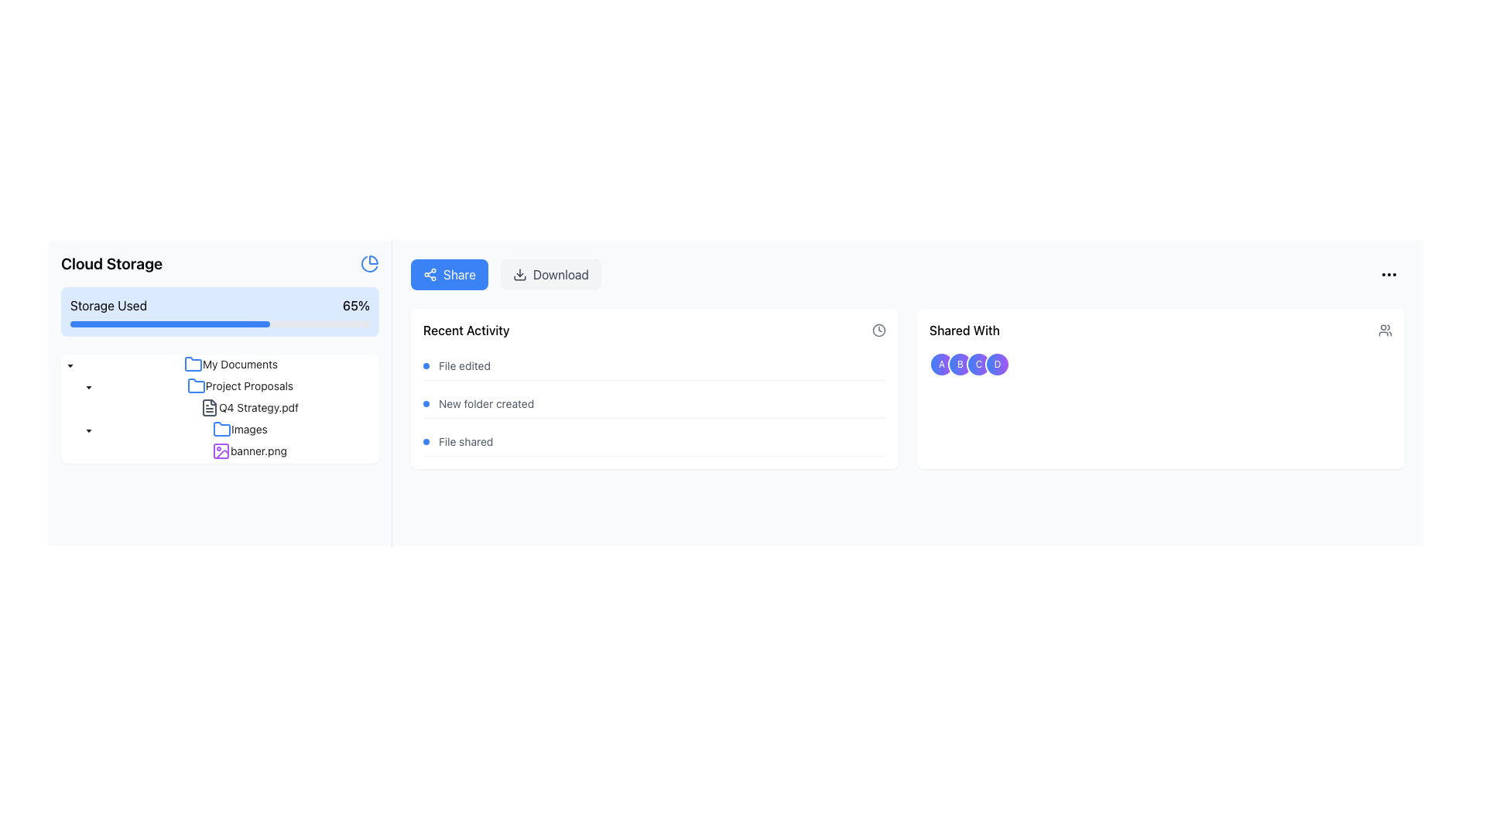 This screenshot has width=1486, height=836. I want to click on the 'Project Proposals' folder icon, so click(219, 385).